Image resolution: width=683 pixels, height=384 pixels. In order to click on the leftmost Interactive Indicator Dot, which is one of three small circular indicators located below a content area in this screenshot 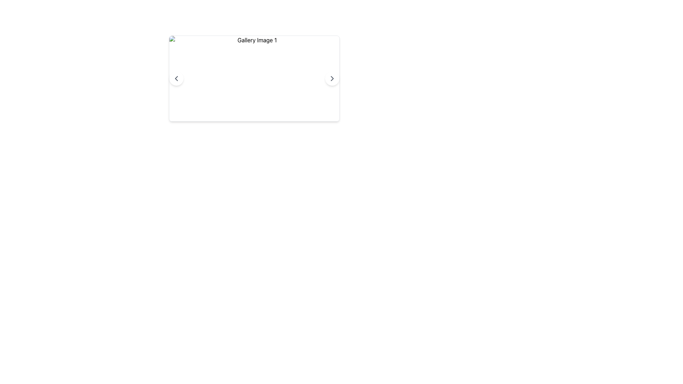, I will do `click(246, 127)`.